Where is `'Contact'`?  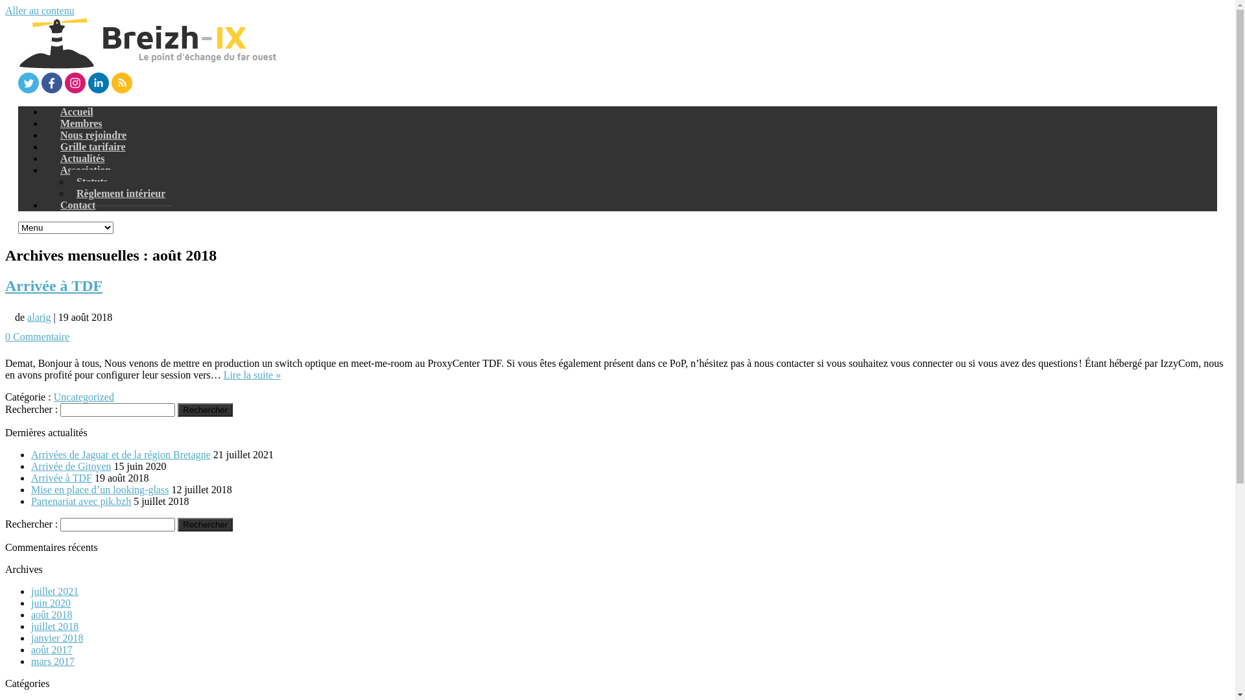
'Contact' is located at coordinates (43, 204).